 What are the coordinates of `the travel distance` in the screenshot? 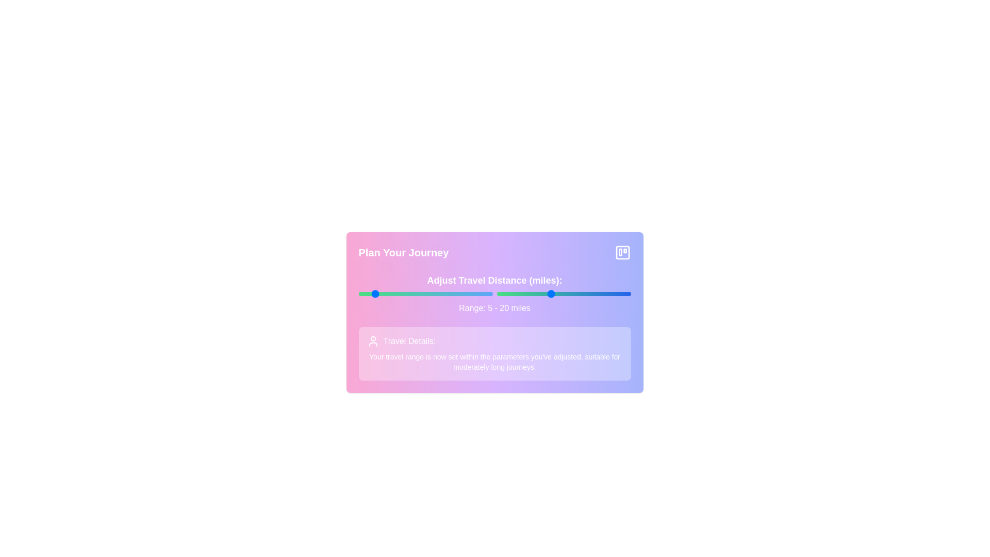 It's located at (601, 294).